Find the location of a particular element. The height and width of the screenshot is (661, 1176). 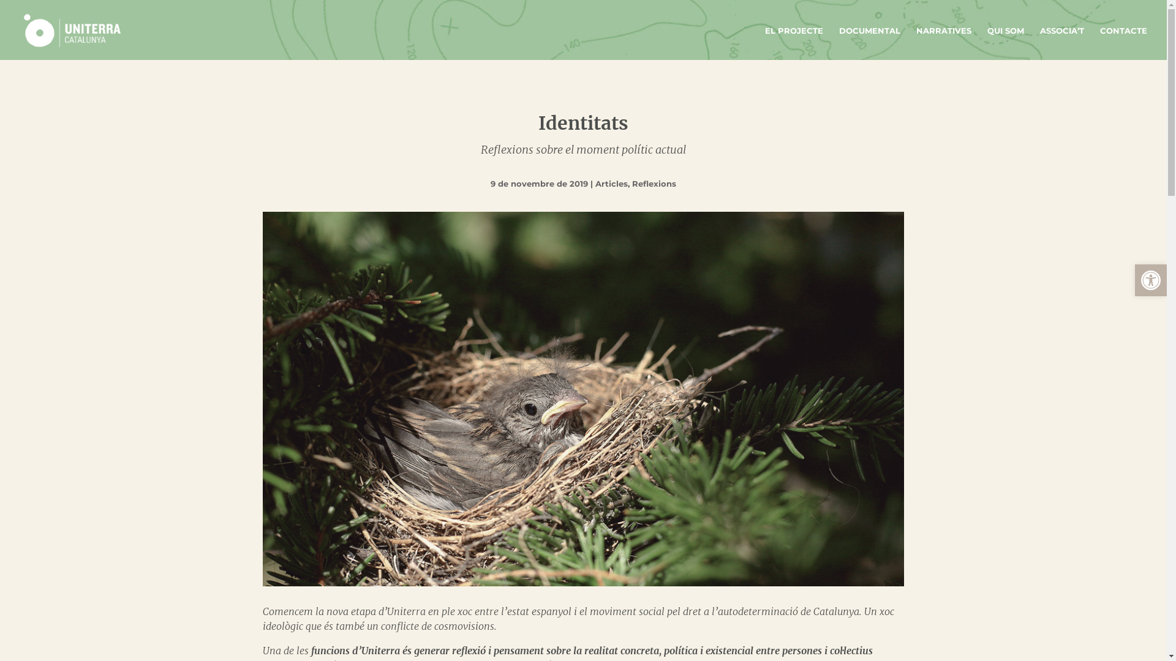

'NARRATIVES' is located at coordinates (943, 43).